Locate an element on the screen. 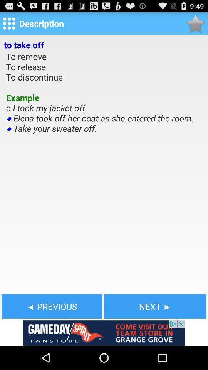 This screenshot has width=208, height=370. star description is located at coordinates (195, 24).